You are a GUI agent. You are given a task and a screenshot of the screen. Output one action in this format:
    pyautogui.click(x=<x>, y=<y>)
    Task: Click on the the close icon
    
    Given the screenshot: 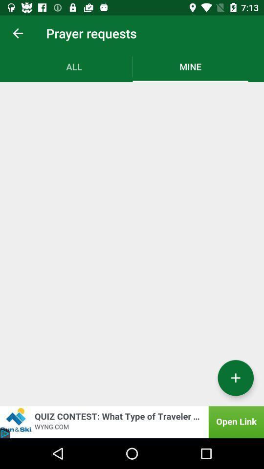 What is the action you would take?
    pyautogui.click(x=18, y=422)
    